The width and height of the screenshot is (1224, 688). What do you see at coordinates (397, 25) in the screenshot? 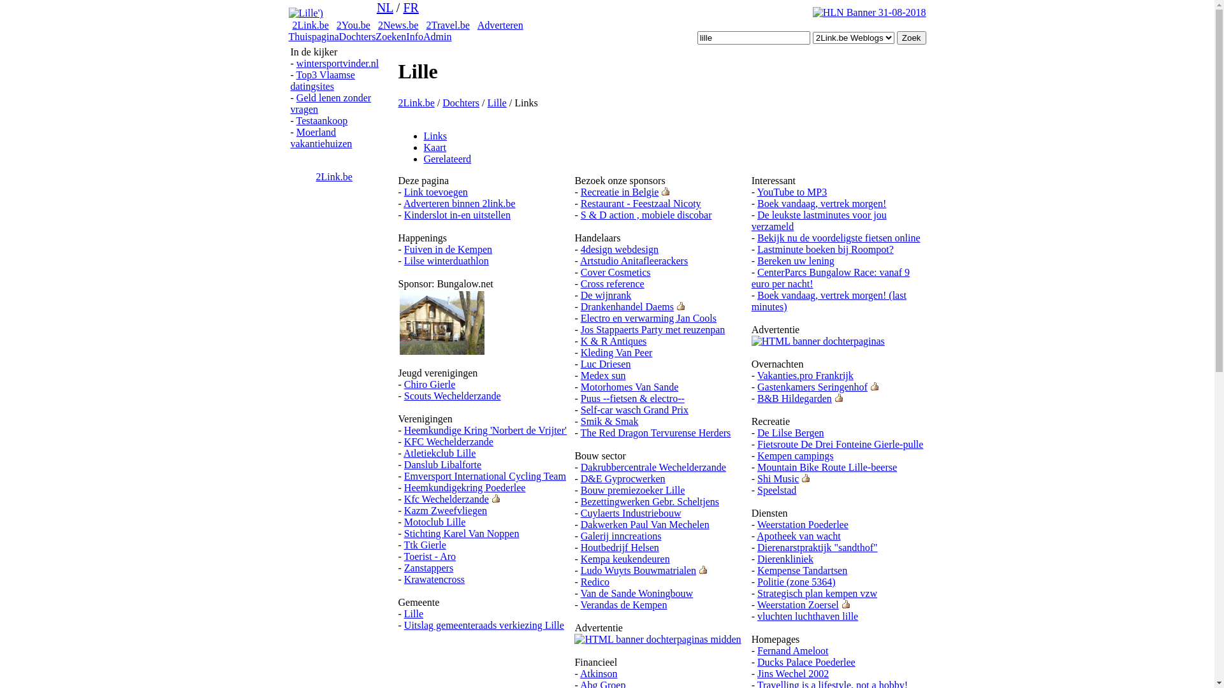
I see `'2News.be'` at bounding box center [397, 25].